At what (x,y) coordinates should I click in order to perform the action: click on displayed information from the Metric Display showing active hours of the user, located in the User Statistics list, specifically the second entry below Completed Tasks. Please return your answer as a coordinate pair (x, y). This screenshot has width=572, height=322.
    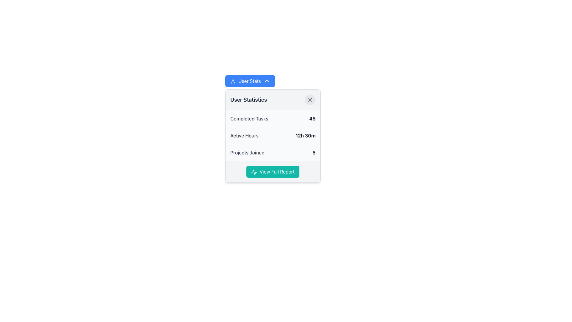
    Looking at the image, I should click on (273, 135).